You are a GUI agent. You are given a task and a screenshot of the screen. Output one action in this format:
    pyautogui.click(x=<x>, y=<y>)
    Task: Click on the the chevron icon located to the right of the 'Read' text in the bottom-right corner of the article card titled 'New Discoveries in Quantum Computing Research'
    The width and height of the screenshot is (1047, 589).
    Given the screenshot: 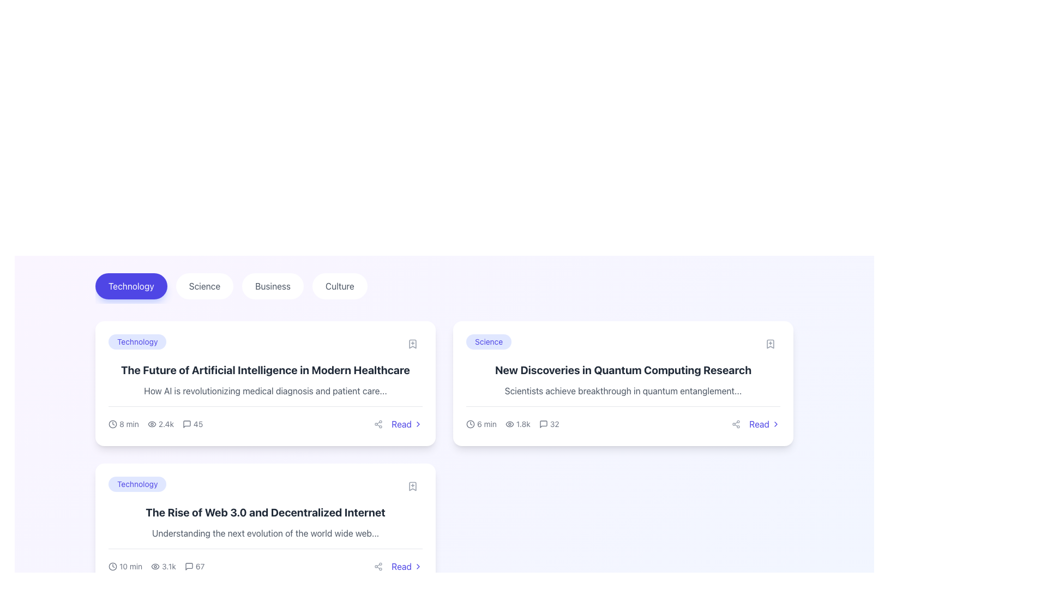 What is the action you would take?
    pyautogui.click(x=775, y=424)
    